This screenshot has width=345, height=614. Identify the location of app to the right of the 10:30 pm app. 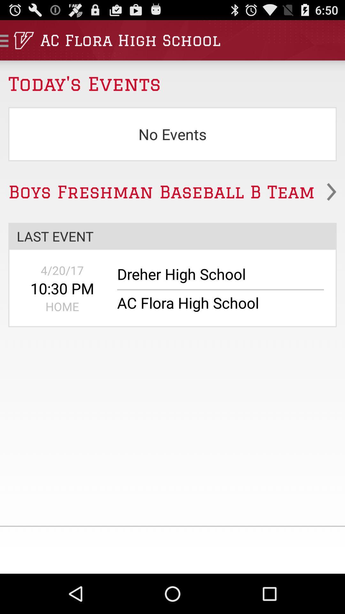
(216, 277).